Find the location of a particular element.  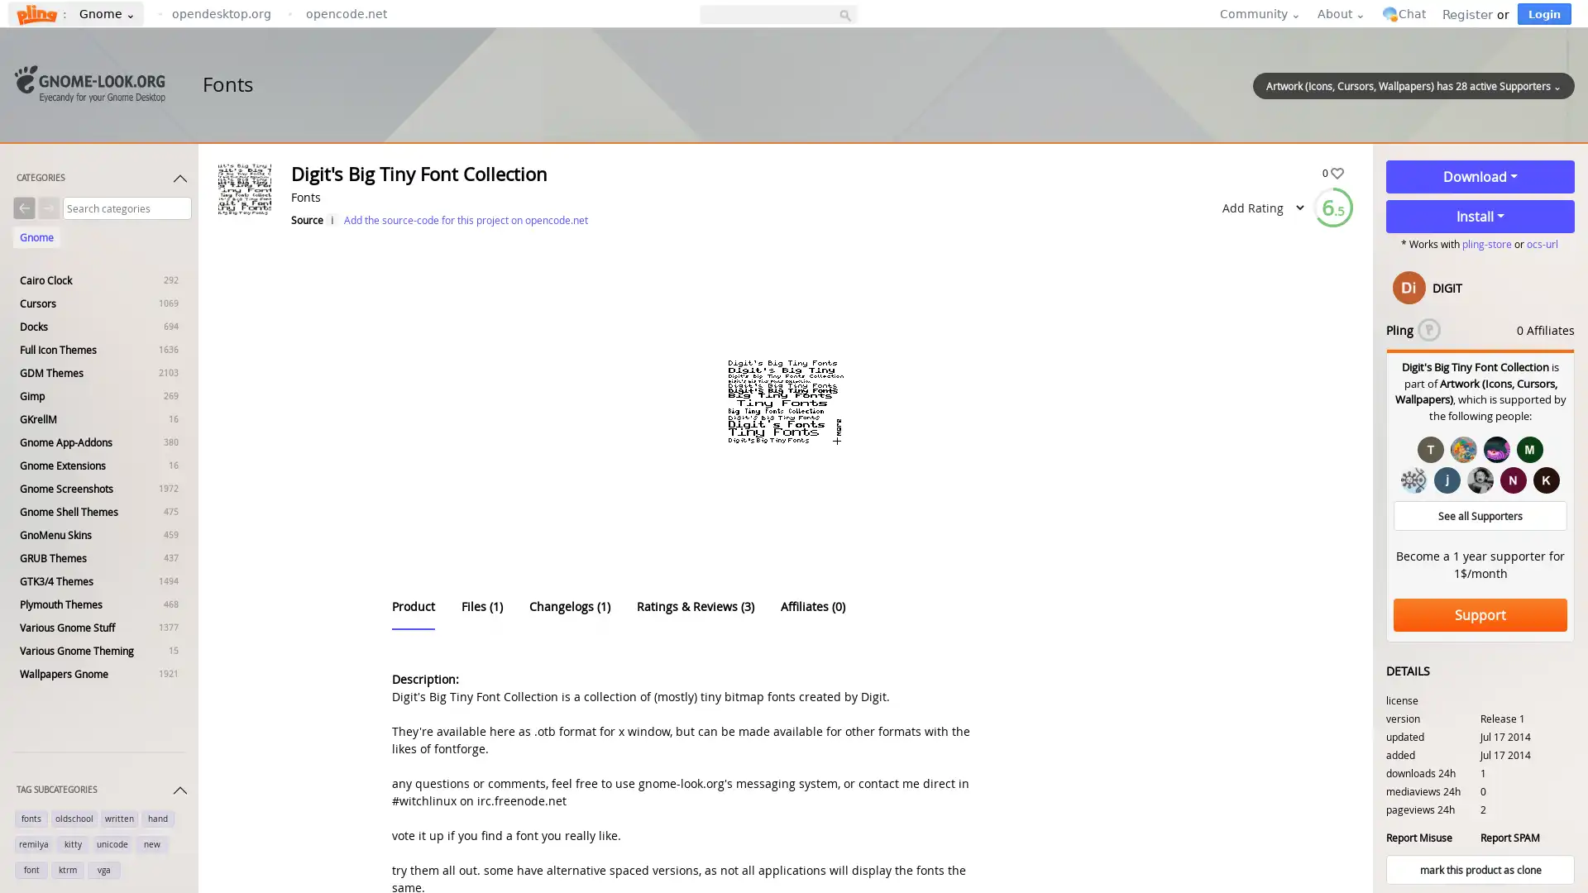

mark this product as clone is located at coordinates (1480, 869).